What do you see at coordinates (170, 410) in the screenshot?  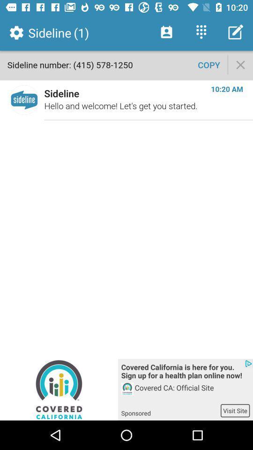 I see `icon to the left of visit site icon` at bounding box center [170, 410].